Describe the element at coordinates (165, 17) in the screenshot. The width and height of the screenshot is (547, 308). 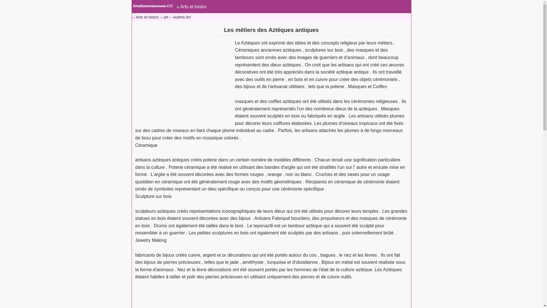
I see `'art'` at that location.